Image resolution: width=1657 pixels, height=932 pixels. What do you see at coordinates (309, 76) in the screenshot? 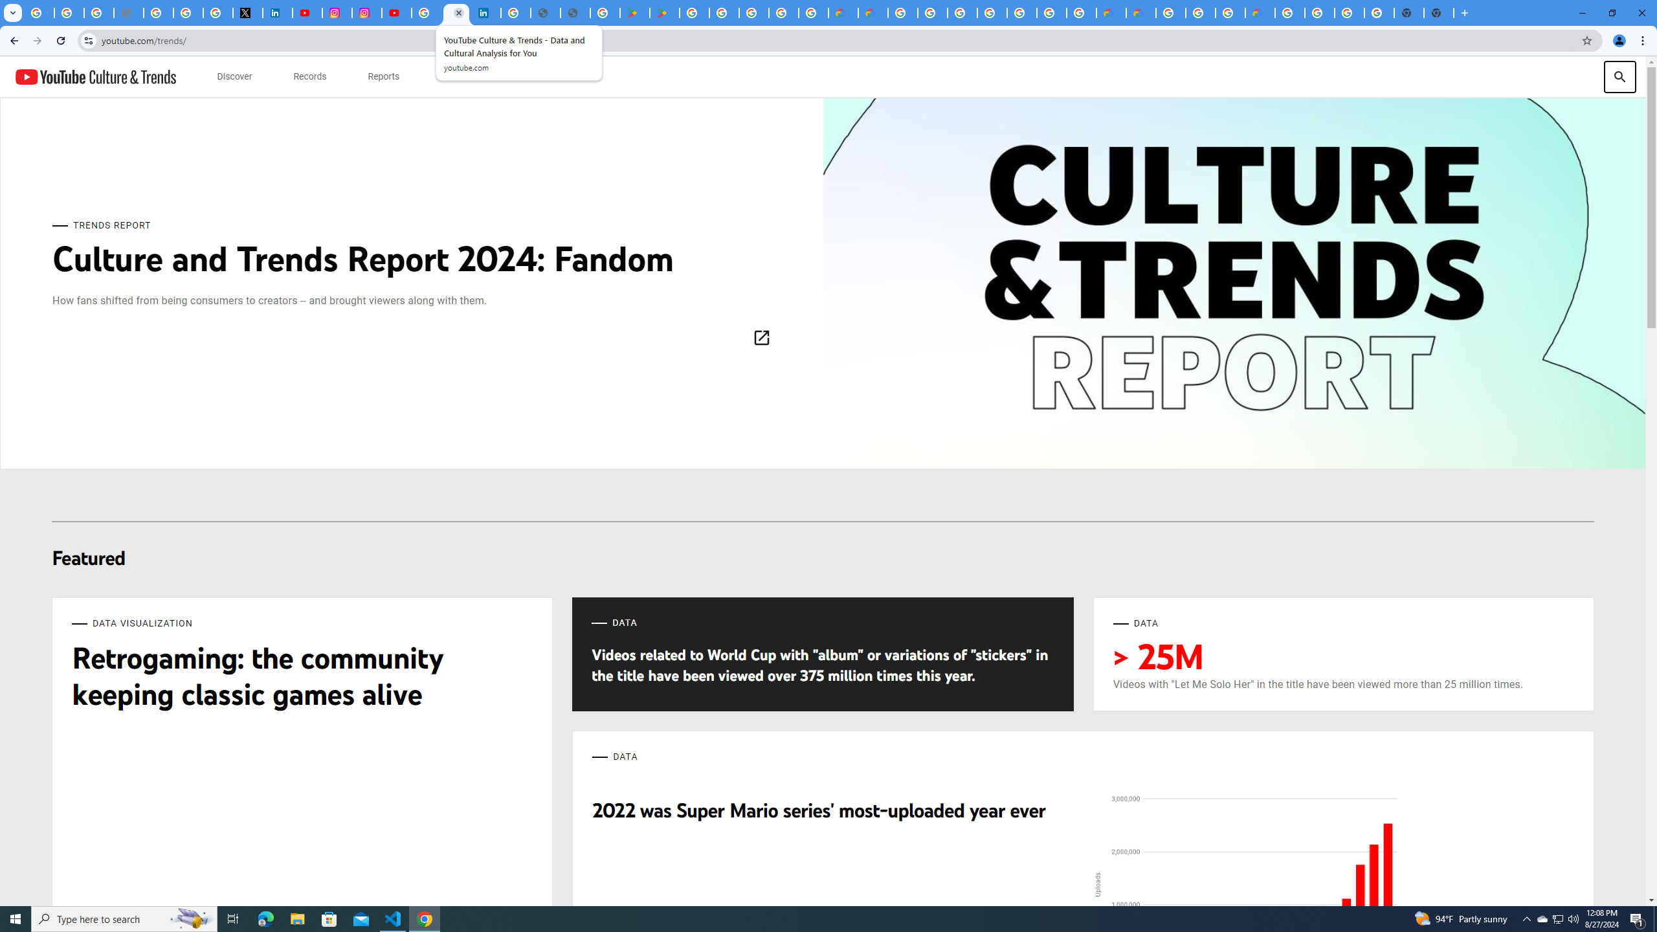
I see `'subnav-Records menupopup'` at bounding box center [309, 76].